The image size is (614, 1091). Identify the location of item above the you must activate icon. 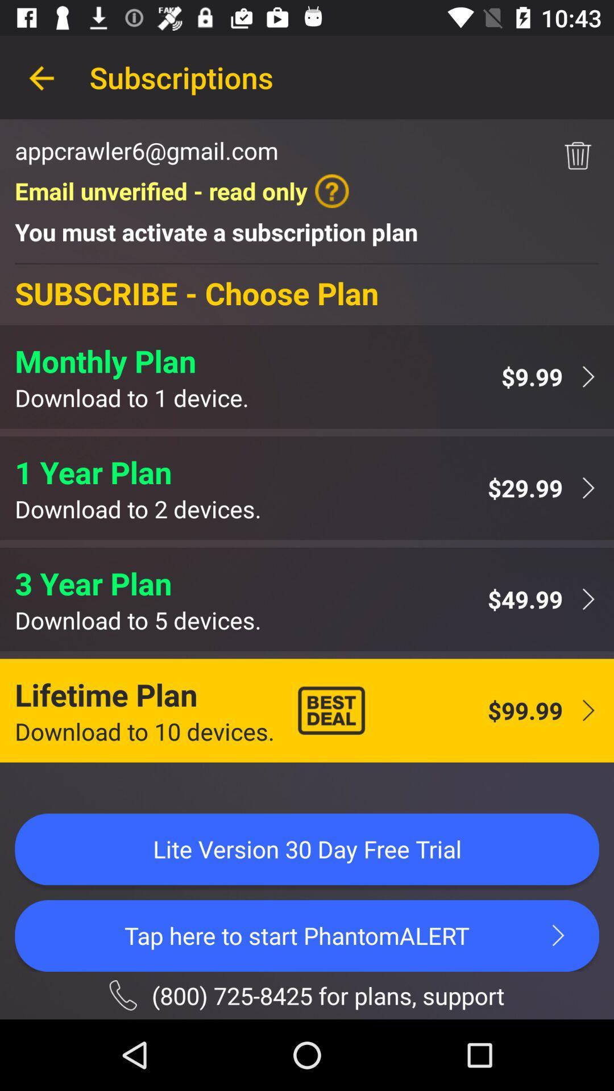
(181, 191).